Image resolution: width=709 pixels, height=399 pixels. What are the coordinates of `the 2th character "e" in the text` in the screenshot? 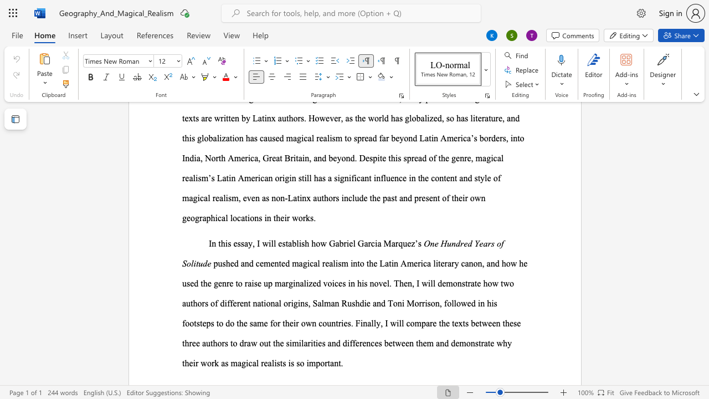 It's located at (266, 363).